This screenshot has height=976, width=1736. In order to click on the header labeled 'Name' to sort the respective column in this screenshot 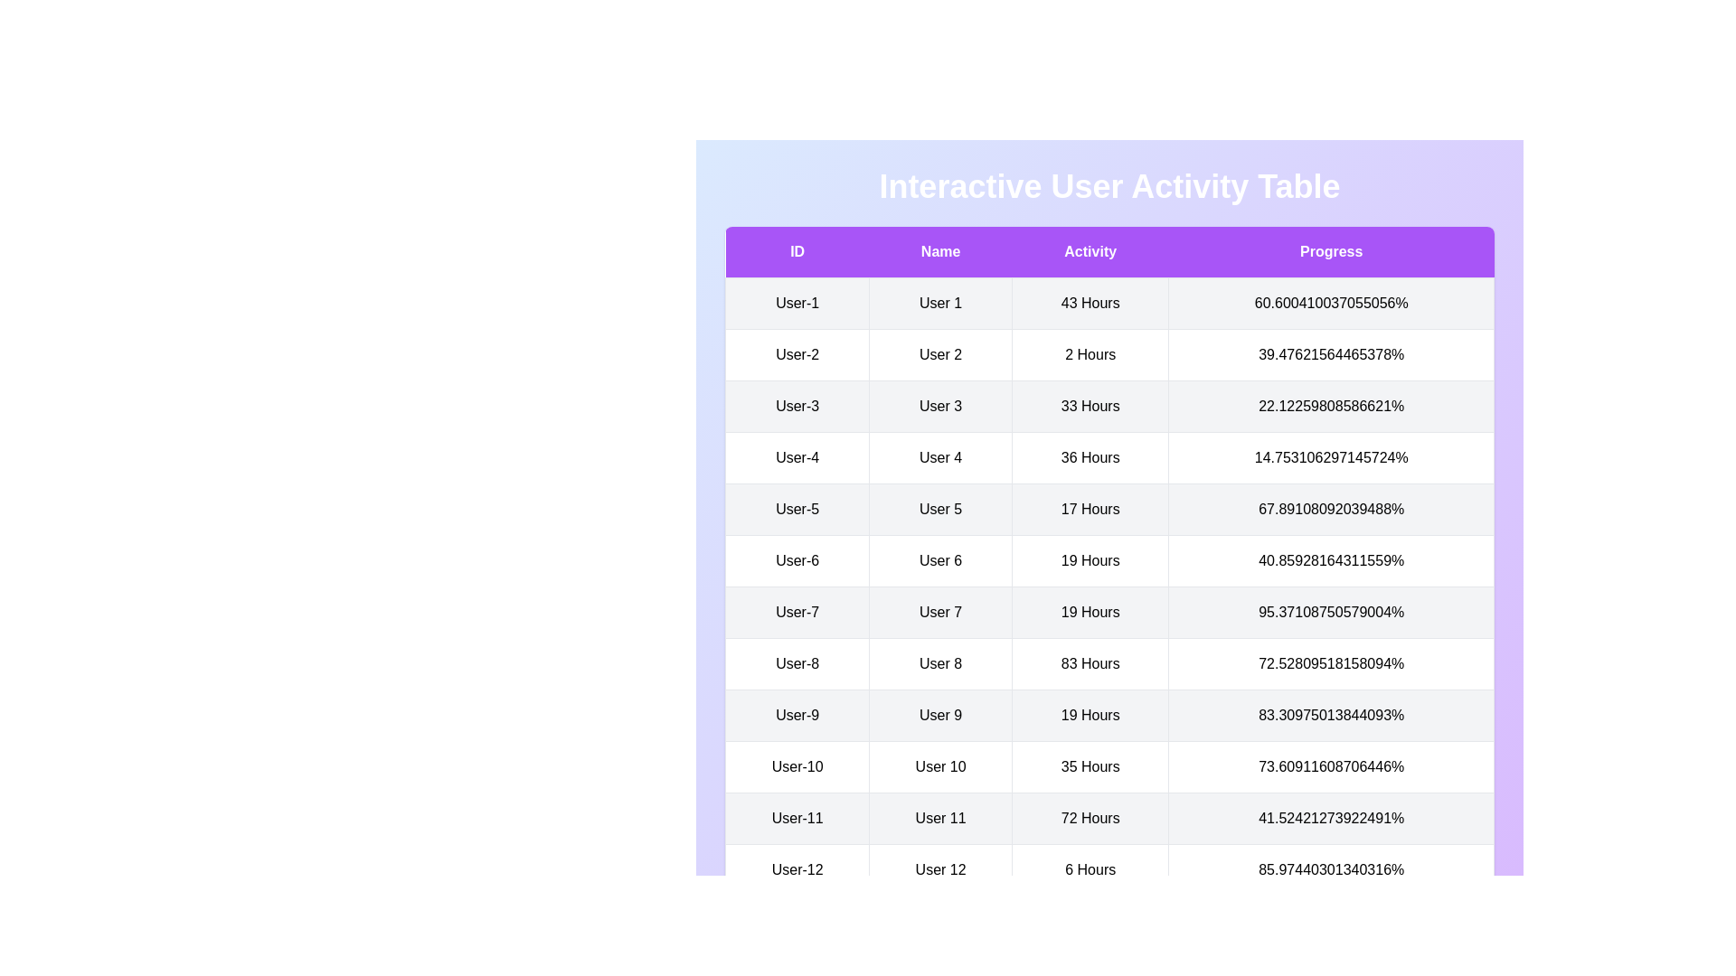, I will do `click(940, 252)`.